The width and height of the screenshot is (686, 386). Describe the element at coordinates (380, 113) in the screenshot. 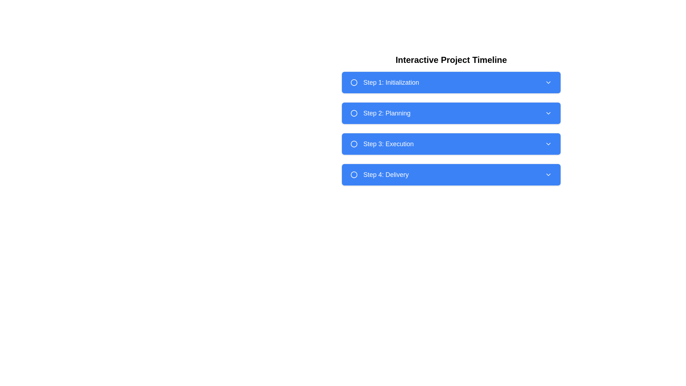

I see `text label element 'Step 2: Planning', which is part of a step indicator in a progress list, located within a blue rectangular background` at that location.